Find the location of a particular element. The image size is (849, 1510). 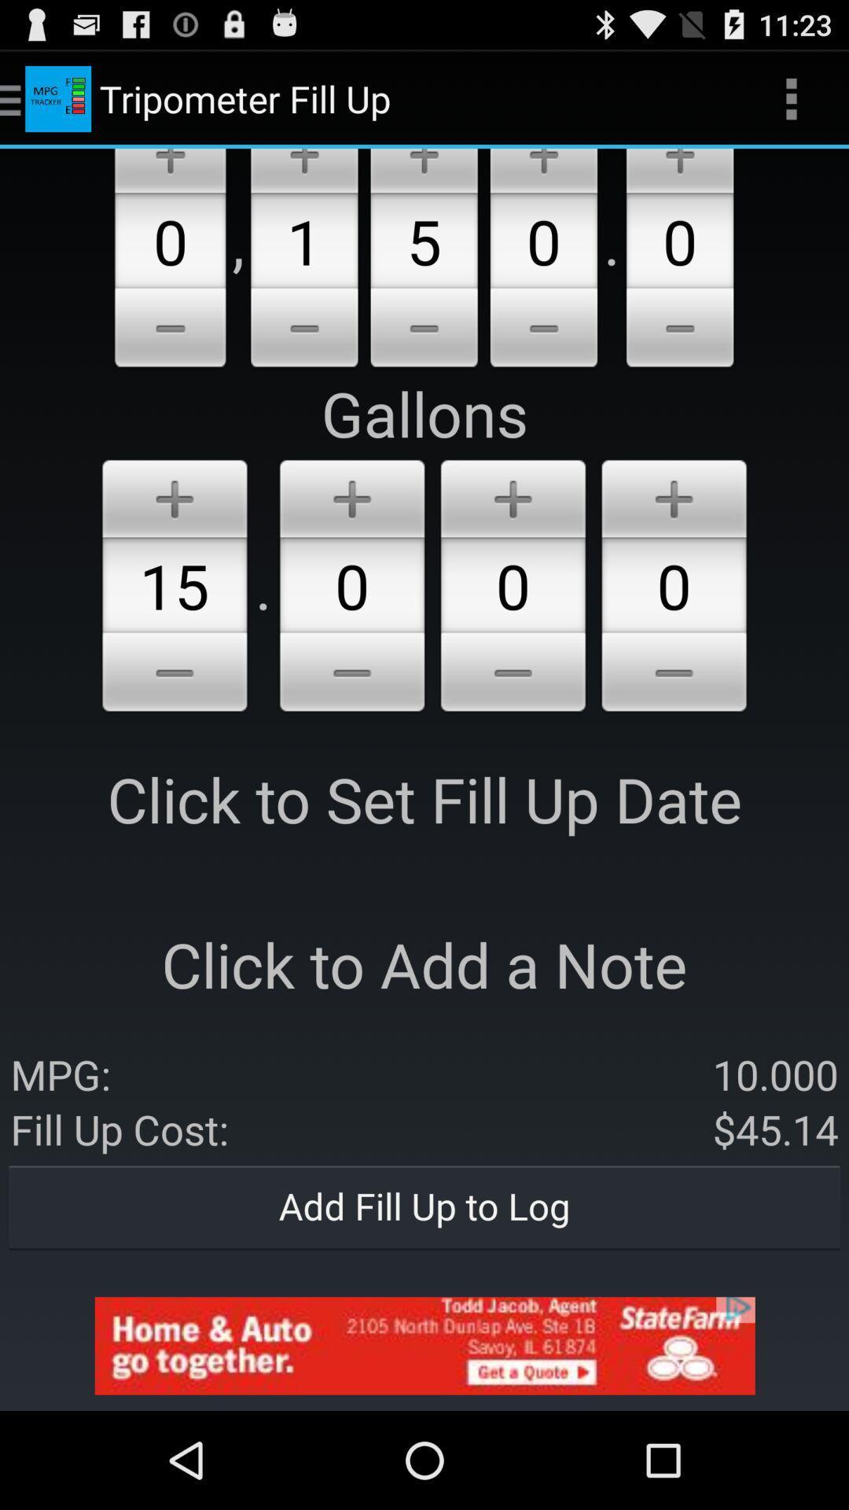

reduce one number is located at coordinates (513, 675).